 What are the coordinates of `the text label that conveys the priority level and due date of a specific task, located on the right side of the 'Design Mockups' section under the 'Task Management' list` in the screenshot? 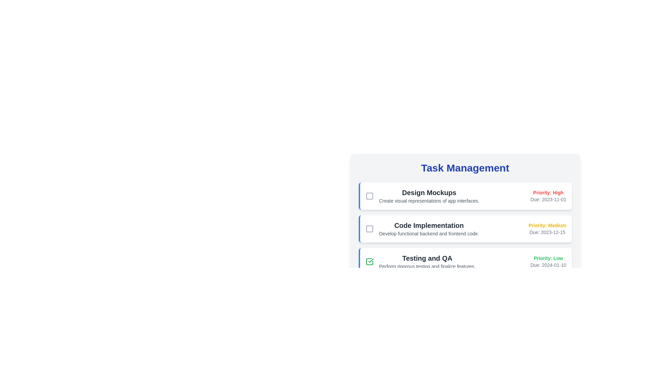 It's located at (548, 196).